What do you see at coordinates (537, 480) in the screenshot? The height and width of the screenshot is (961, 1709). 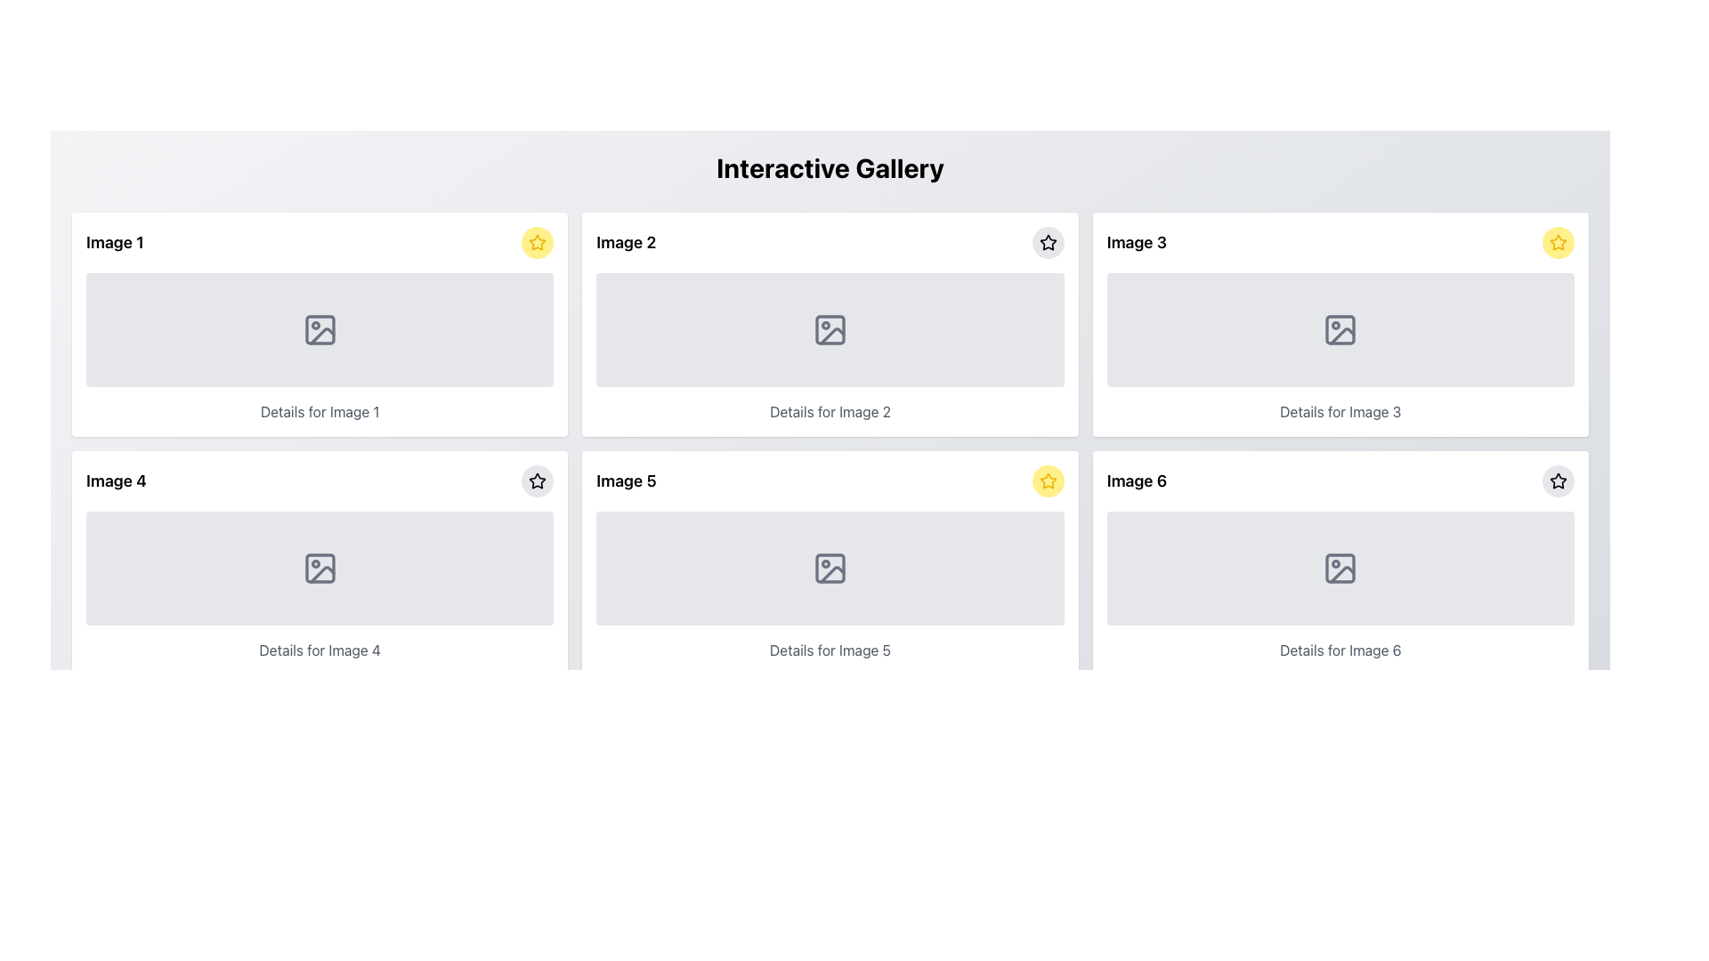 I see `the star-shaped button located in the top-right corner of the 'Image 4' section` at bounding box center [537, 480].